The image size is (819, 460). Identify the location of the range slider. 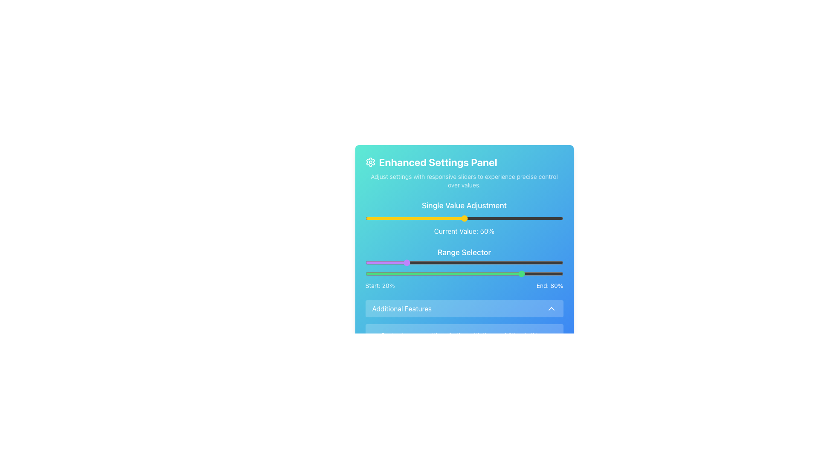
(559, 262).